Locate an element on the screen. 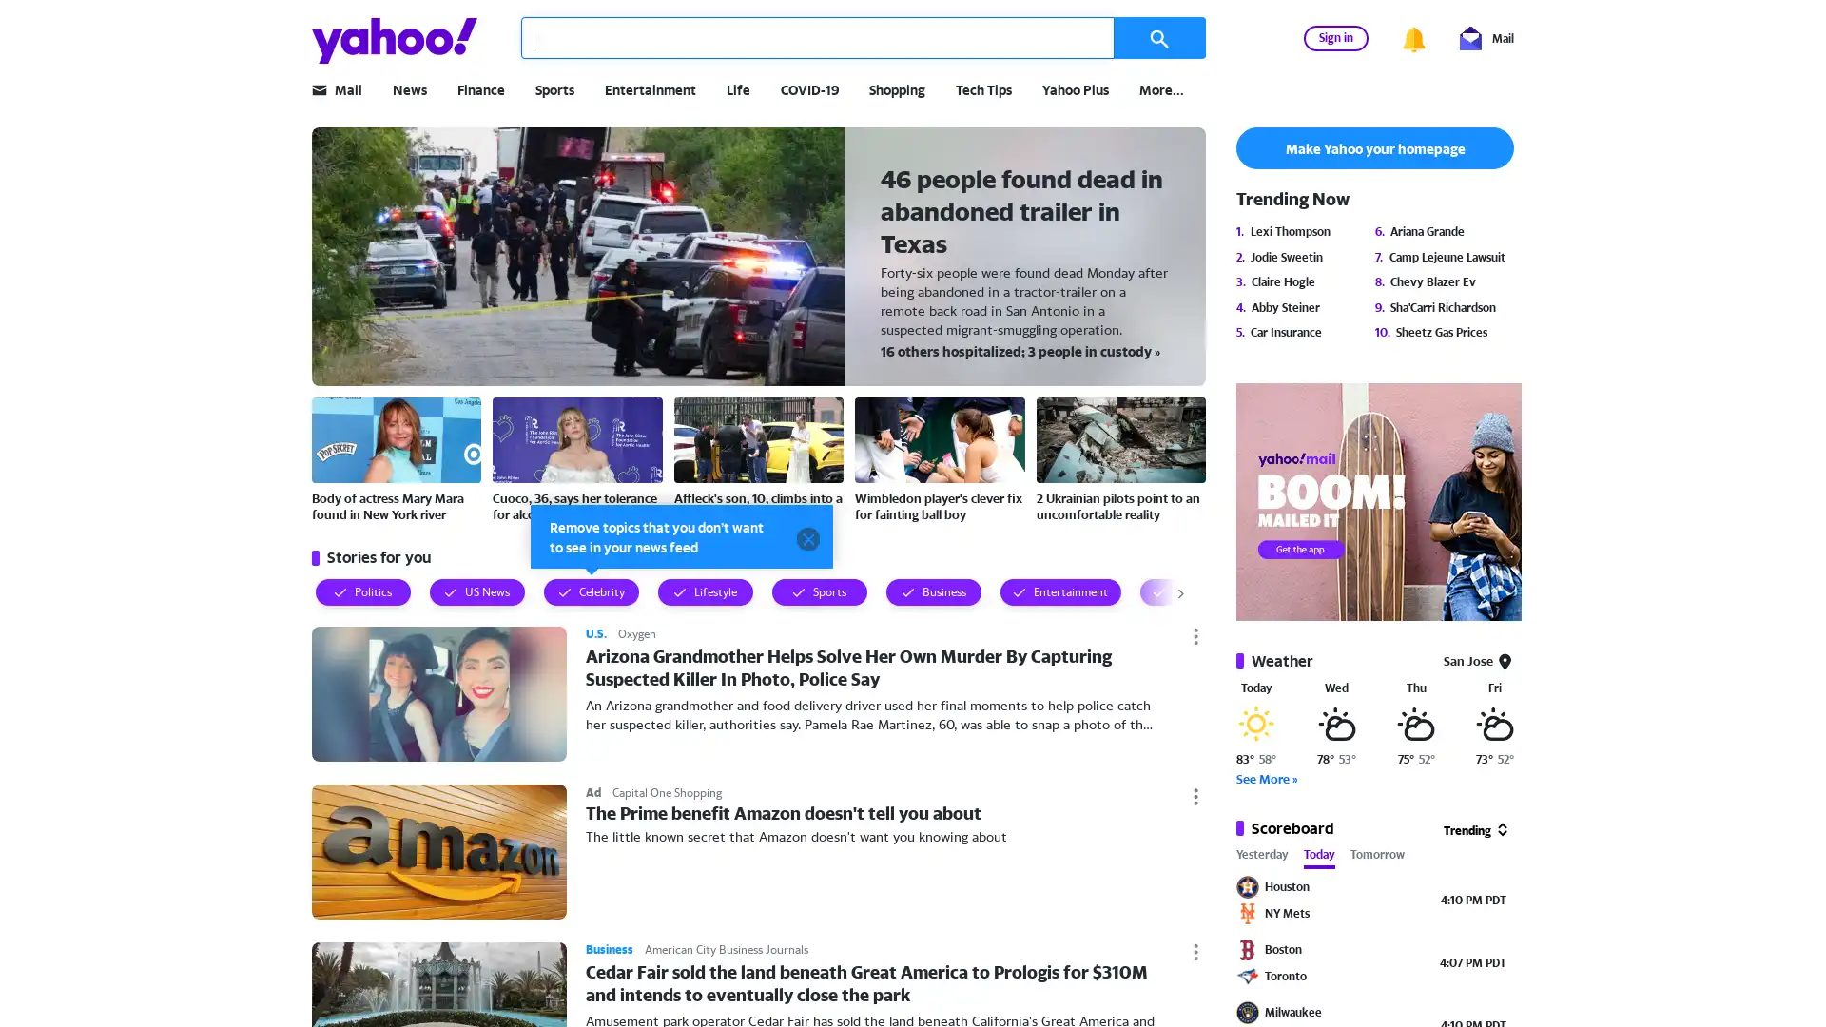 The height and width of the screenshot is (1027, 1826). Visually show next topic filters is located at coordinates (1160, 591).